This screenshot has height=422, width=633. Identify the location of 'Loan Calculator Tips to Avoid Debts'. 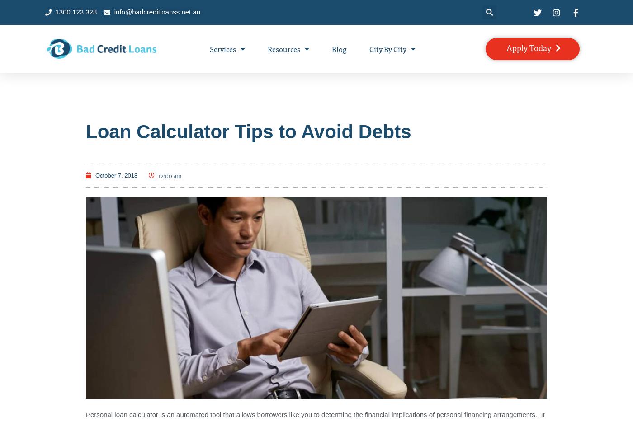
(248, 131).